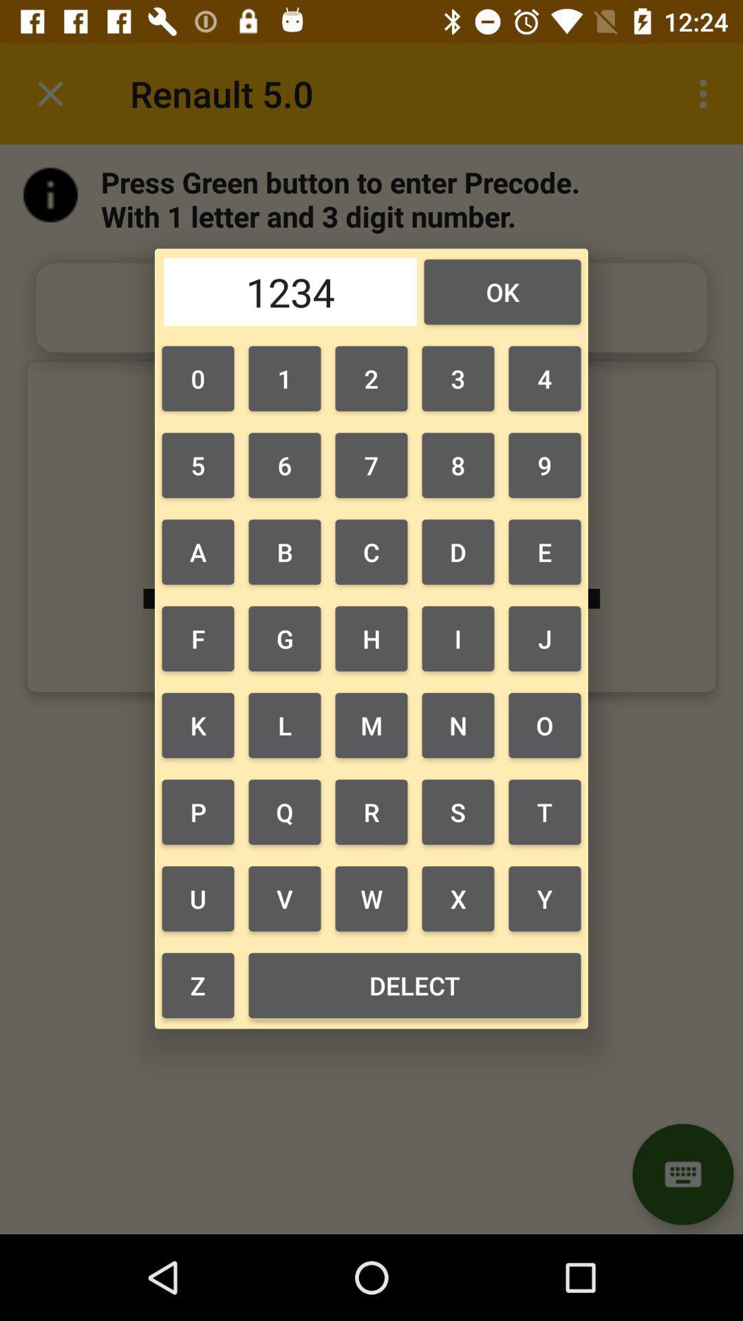 This screenshot has height=1321, width=743. What do you see at coordinates (198, 378) in the screenshot?
I see `button above 5 icon` at bounding box center [198, 378].